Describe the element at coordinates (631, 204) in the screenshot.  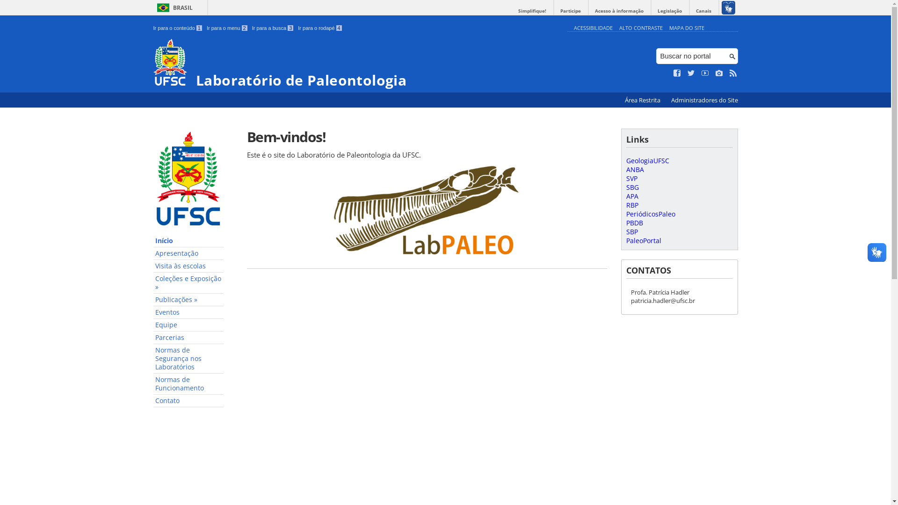
I see `'RBP'` at that location.